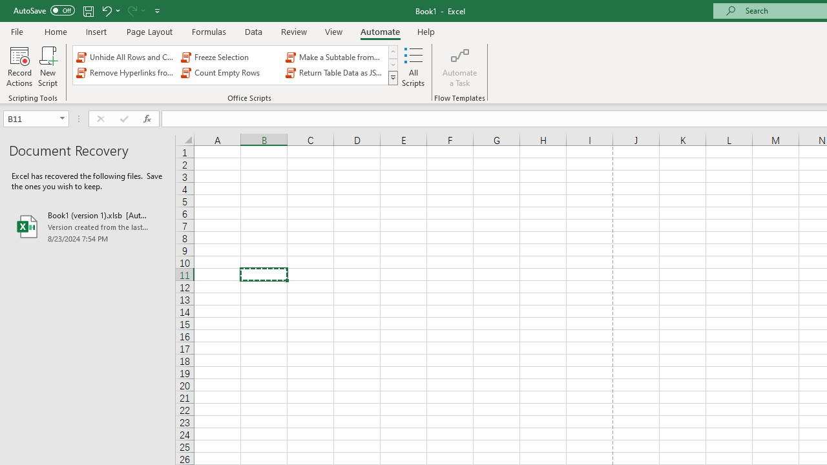 The width and height of the screenshot is (827, 465). What do you see at coordinates (335, 73) in the screenshot?
I see `'Return Table Data as JSON'` at bounding box center [335, 73].